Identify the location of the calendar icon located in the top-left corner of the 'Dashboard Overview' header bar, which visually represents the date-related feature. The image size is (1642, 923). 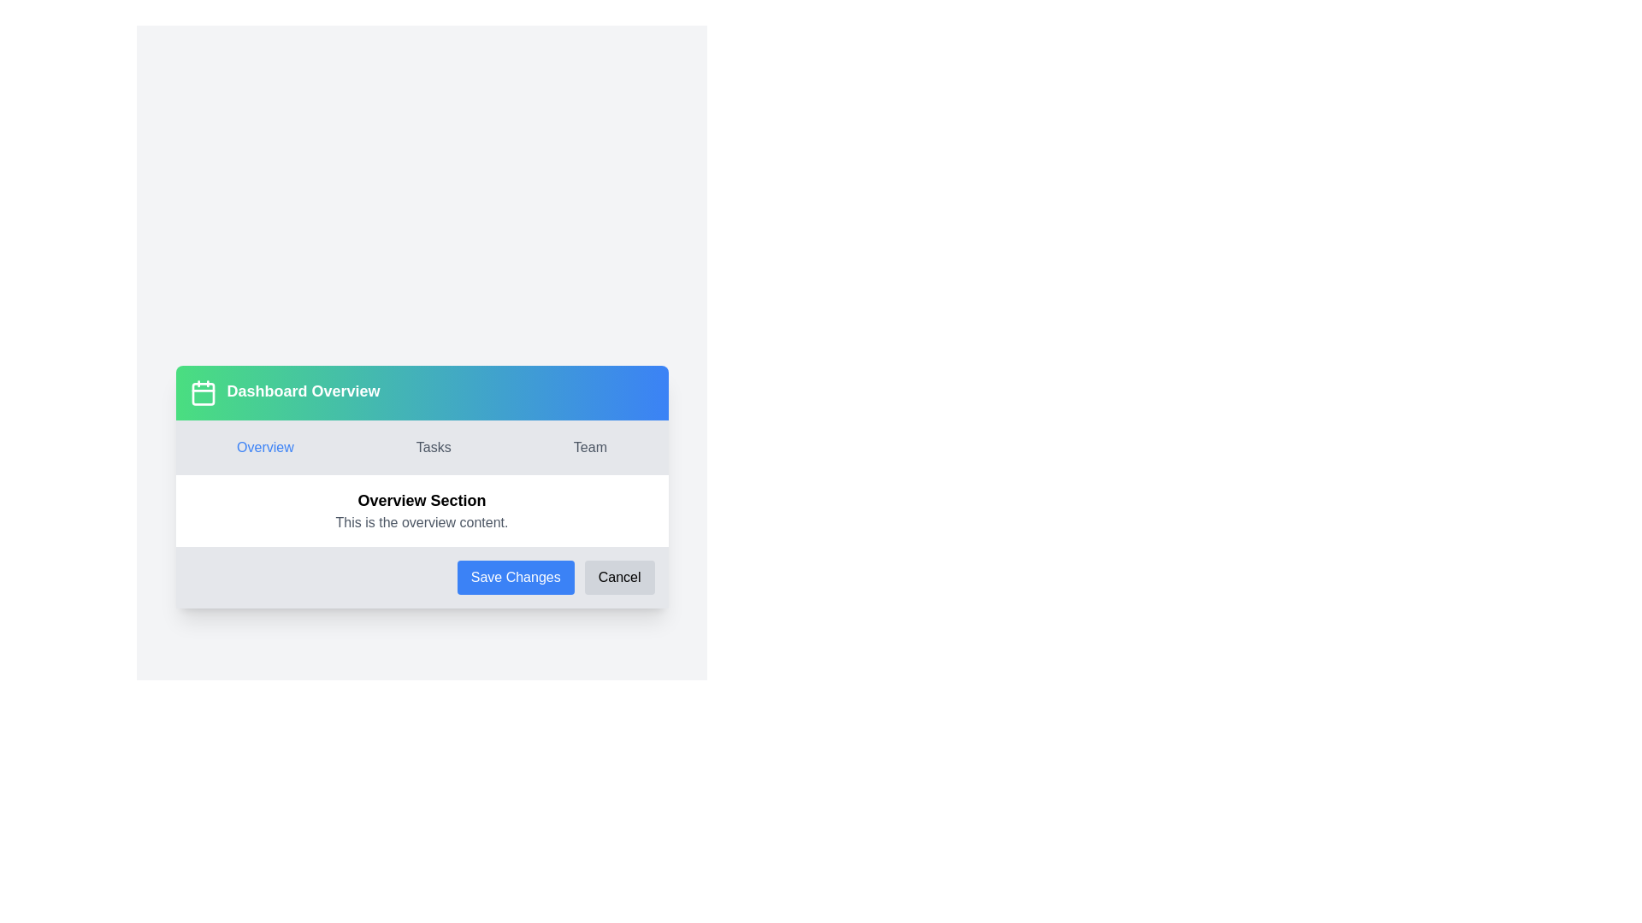
(203, 392).